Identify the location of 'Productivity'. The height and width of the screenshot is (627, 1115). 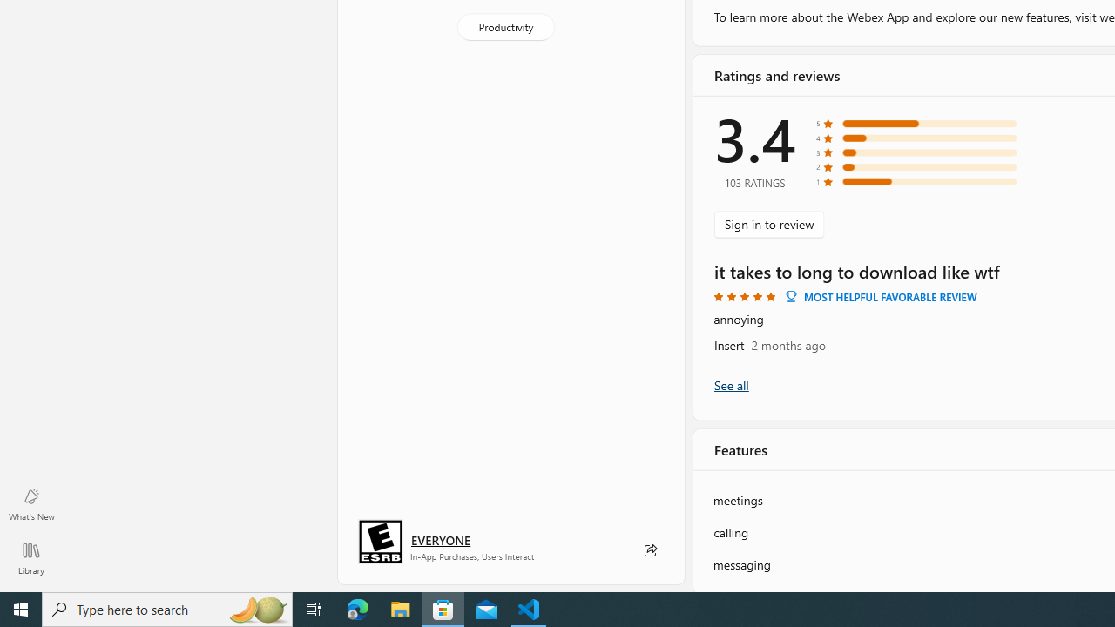
(503, 26).